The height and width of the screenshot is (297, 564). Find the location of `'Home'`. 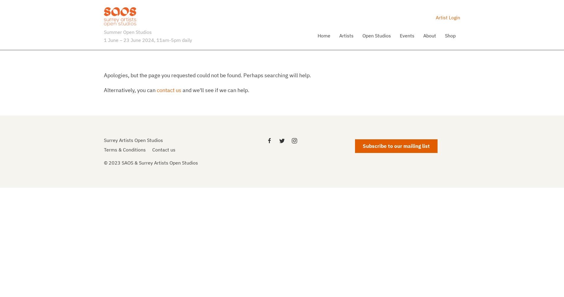

'Home' is located at coordinates (324, 35).